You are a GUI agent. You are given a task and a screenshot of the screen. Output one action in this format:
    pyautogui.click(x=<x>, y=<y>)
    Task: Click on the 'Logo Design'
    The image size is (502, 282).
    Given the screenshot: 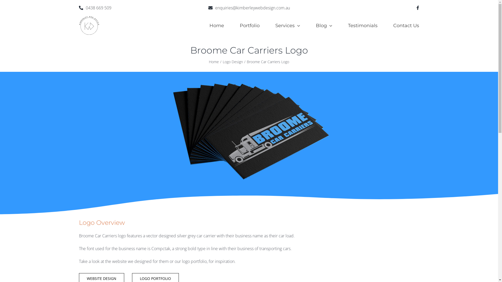 What is the action you would take?
    pyautogui.click(x=232, y=61)
    